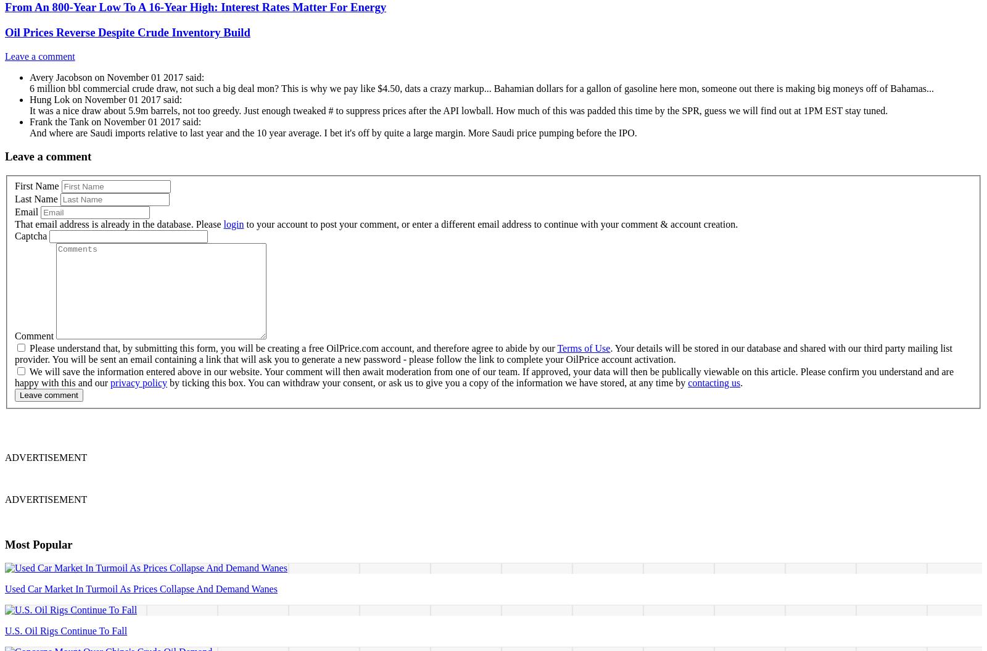 This screenshot has width=987, height=651. What do you see at coordinates (35, 197) in the screenshot?
I see `'Last Name'` at bounding box center [35, 197].